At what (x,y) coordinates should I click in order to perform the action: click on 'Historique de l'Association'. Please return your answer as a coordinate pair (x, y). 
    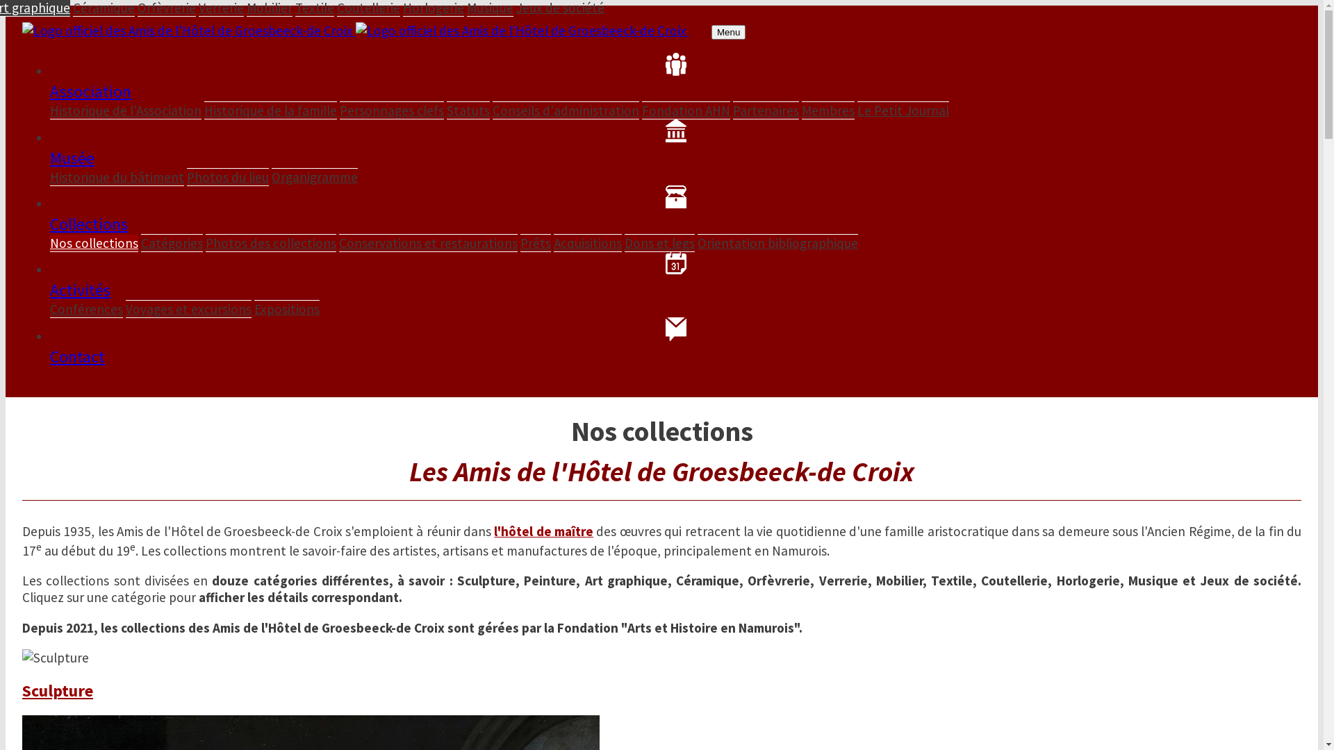
    Looking at the image, I should click on (126, 110).